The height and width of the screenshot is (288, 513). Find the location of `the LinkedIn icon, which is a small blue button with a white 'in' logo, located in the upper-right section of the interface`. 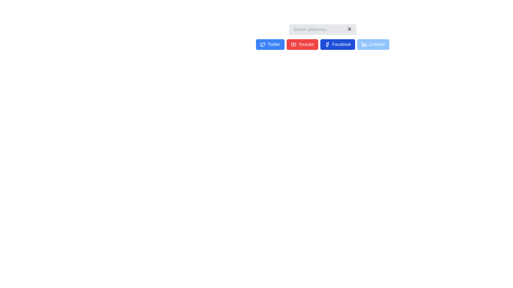

the LinkedIn icon, which is a small blue button with a white 'in' logo, located in the upper-right section of the interface is located at coordinates (364, 44).